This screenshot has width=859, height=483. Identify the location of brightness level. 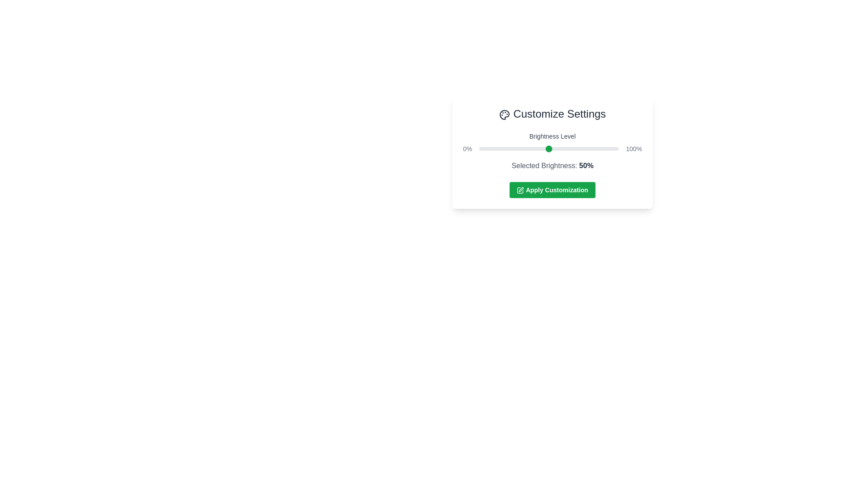
(599, 148).